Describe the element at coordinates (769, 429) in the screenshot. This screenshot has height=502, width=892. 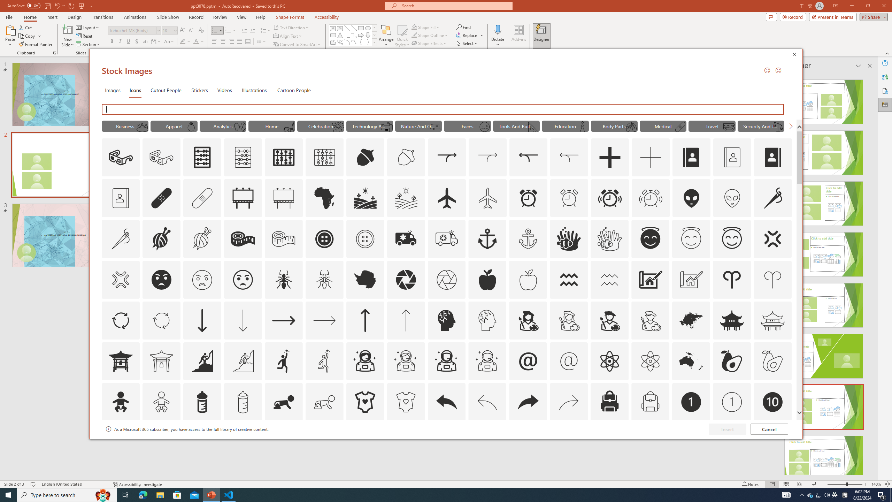
I see `'Cancel'` at that location.